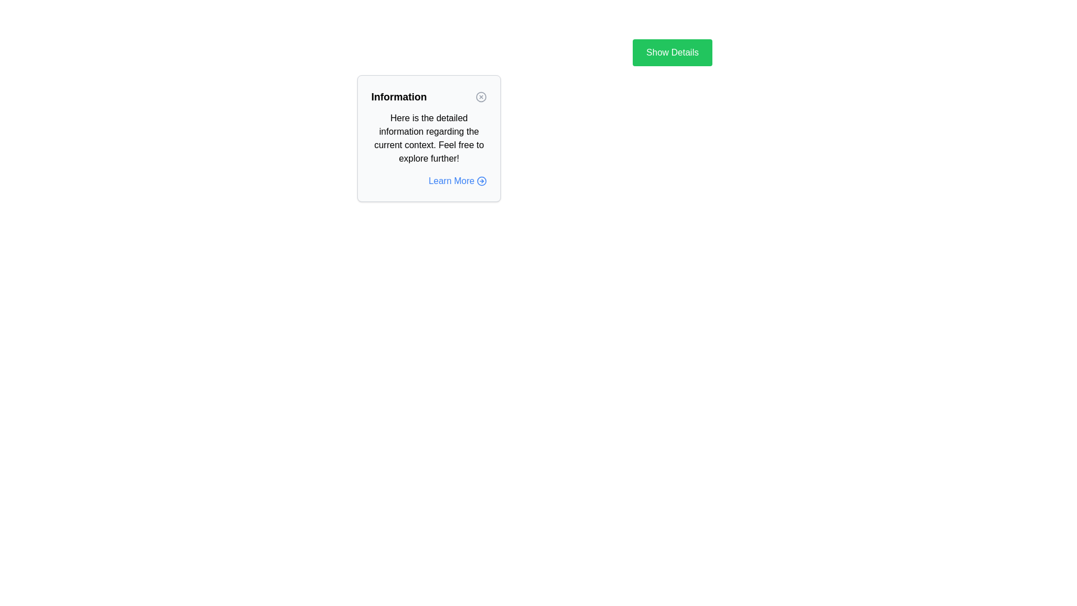 This screenshot has width=1077, height=606. I want to click on the navigation link with an associated icon located at the bottom-right of the 'Information' popup, so click(428, 181).